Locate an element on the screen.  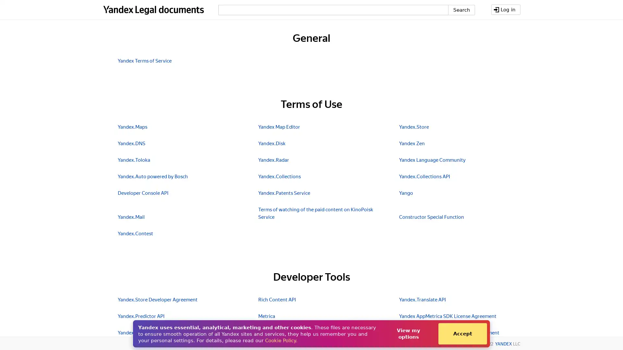
Accept is located at coordinates (462, 333).